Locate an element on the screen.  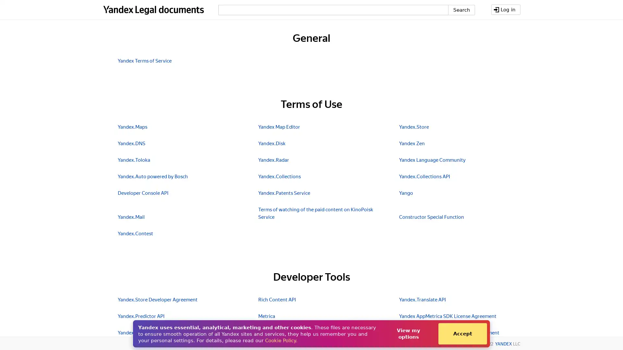
Accept is located at coordinates (462, 333).